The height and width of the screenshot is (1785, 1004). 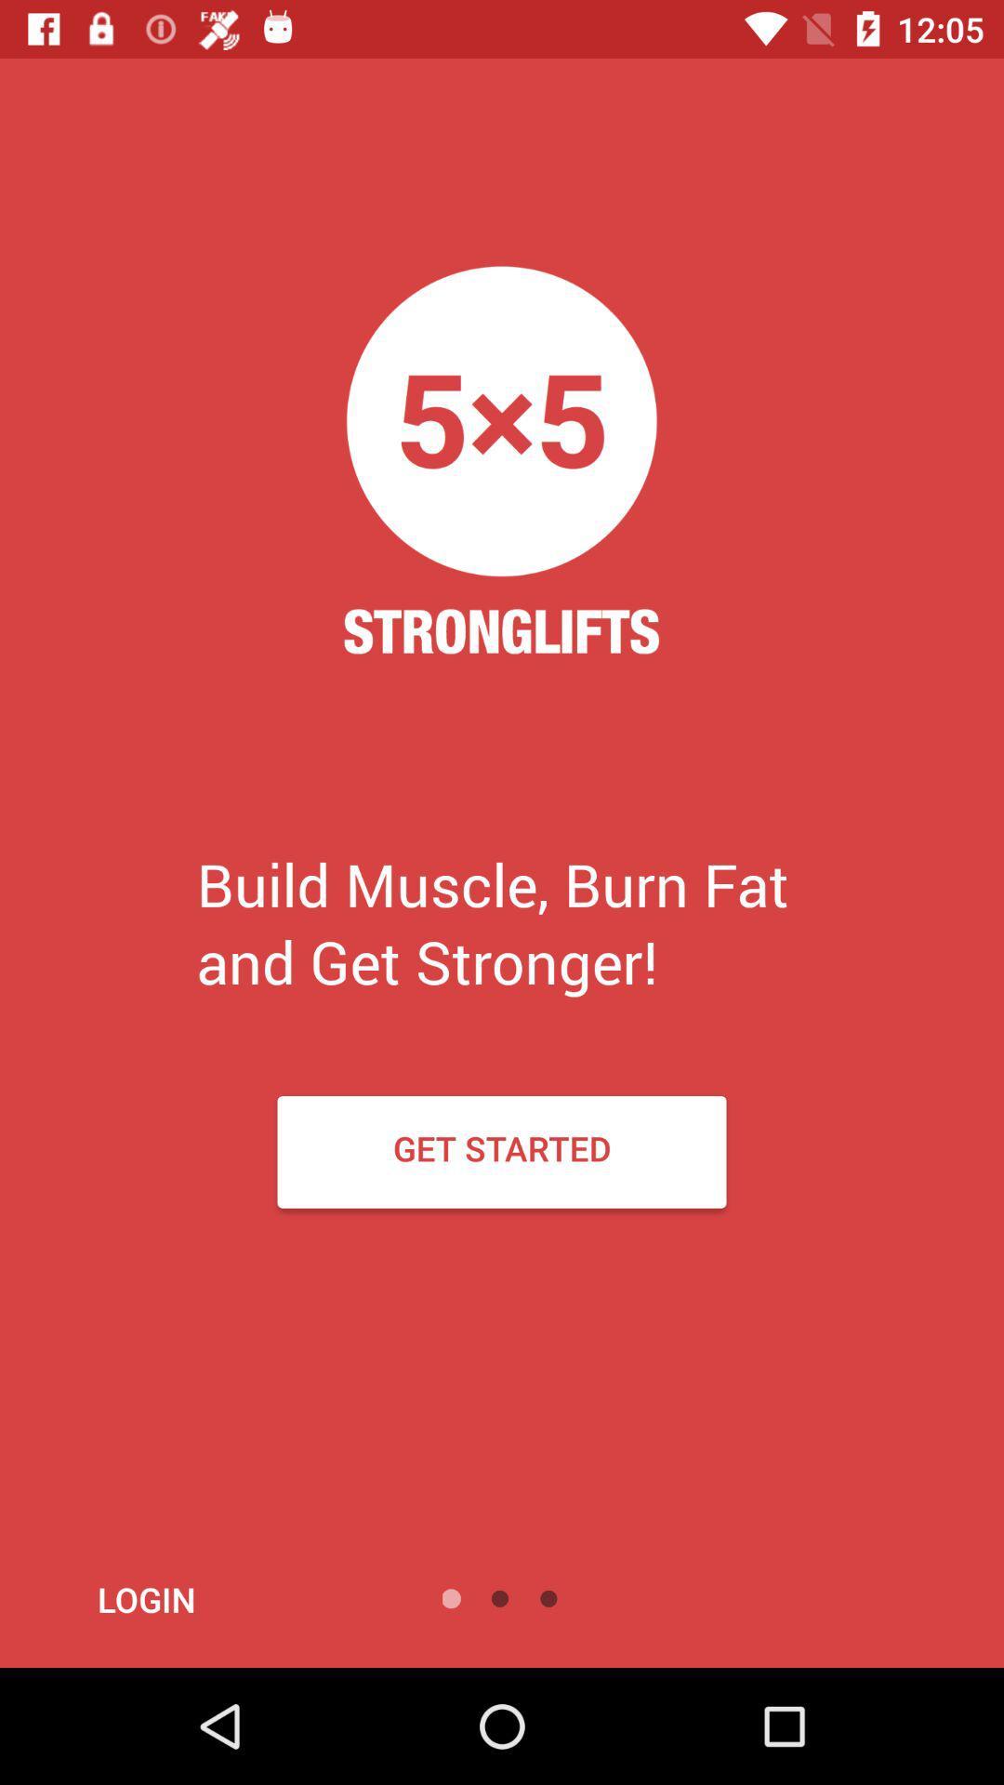 I want to click on get started item, so click(x=502, y=1151).